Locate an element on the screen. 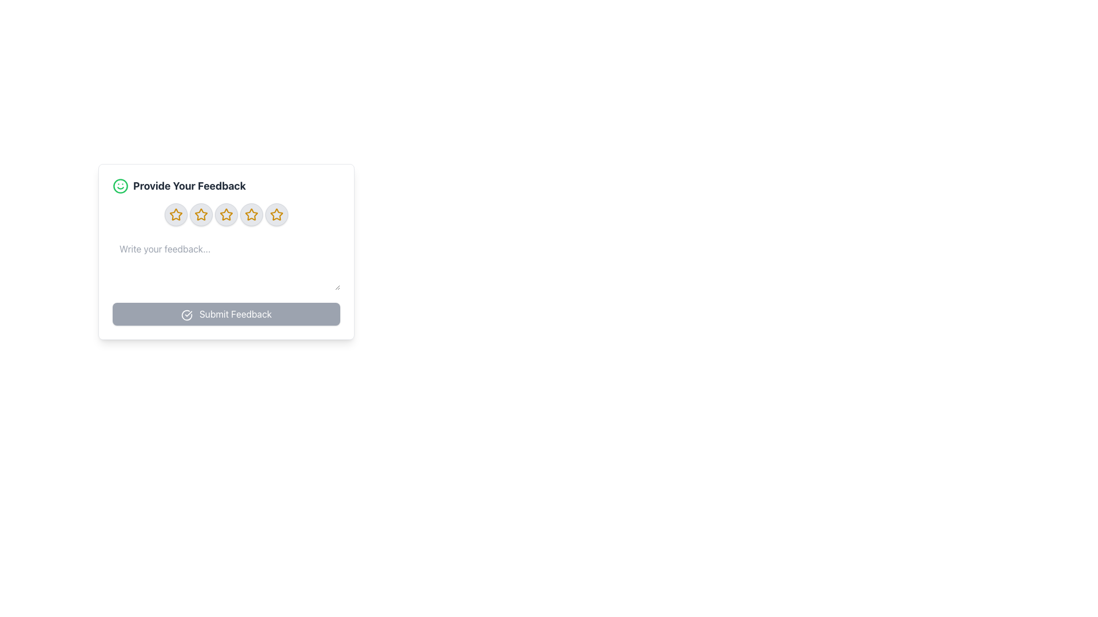 The height and width of the screenshot is (617, 1098). the circular element with a green stroke located at the center of the smiley face icon, which is part of the feedback card titled 'Provide Your Feedback' is located at coordinates (121, 186).